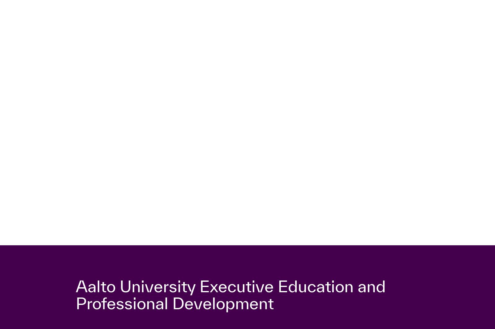 This screenshot has width=495, height=329. Describe the element at coordinates (200, 296) in the screenshot. I see `'I permit Aalto University Executive Education Ltd to use my contact information for marketing purposes, for example, to provide me with further information about its programs or send invitations to events. I can decide anytime that I no longer want to be contacted. See our'` at that location.